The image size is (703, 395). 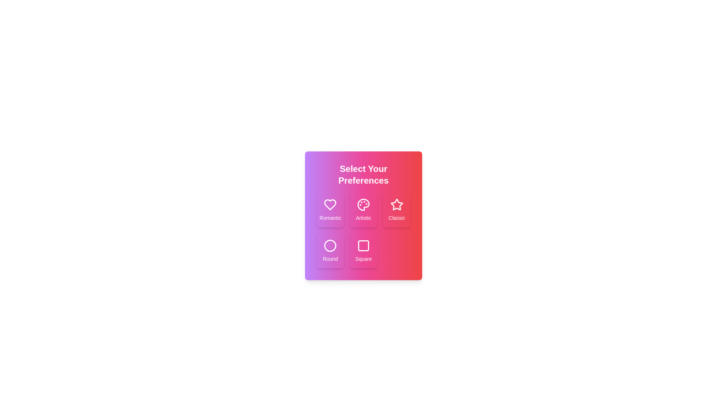 What do you see at coordinates (364, 210) in the screenshot?
I see `the preference option Artistic` at bounding box center [364, 210].